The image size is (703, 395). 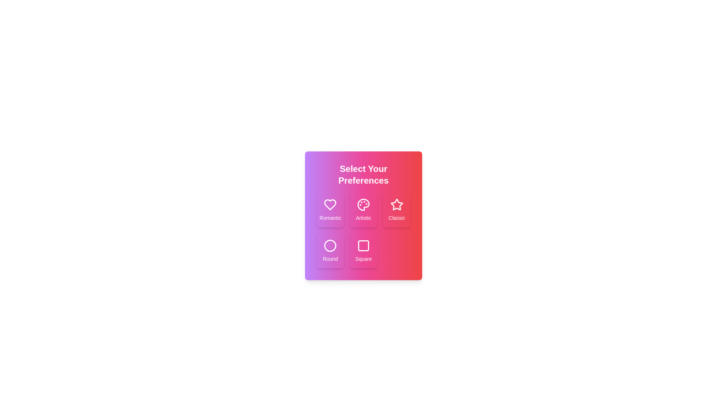 What do you see at coordinates (364, 210) in the screenshot?
I see `the preference option Artistic` at bounding box center [364, 210].